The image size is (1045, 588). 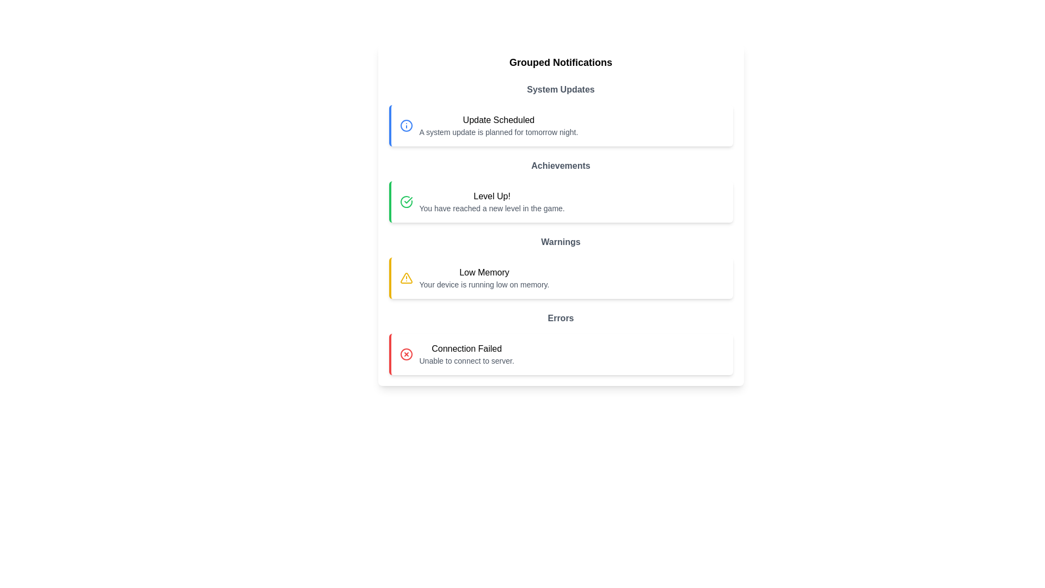 What do you see at coordinates (483, 277) in the screenshot?
I see `warning notification message about low memory in the third notification card under the 'Warnings' section, which is centered horizontally and located beneath a yellow warning icon` at bounding box center [483, 277].